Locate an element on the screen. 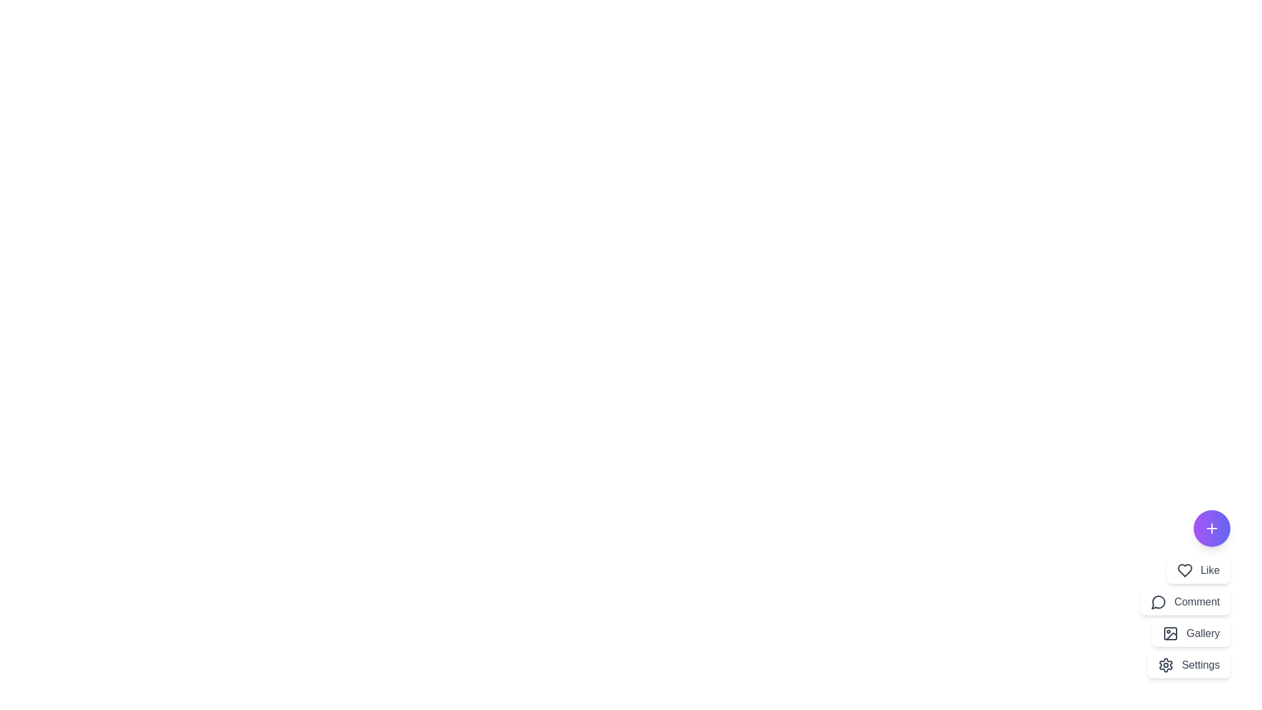 The image size is (1262, 710). the menu option Like to activate it is located at coordinates (1198, 569).